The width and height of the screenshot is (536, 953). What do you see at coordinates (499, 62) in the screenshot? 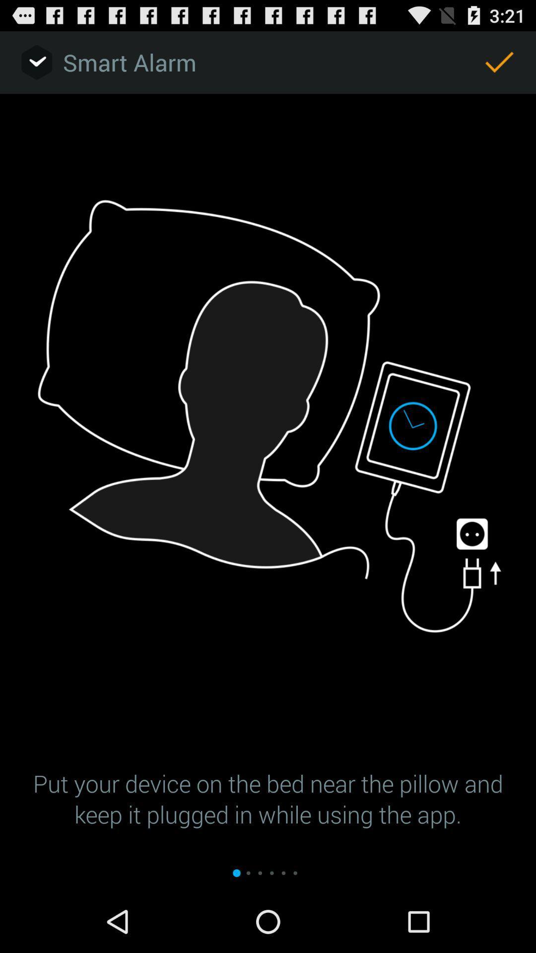
I see `the item next to the smart alarm item` at bounding box center [499, 62].